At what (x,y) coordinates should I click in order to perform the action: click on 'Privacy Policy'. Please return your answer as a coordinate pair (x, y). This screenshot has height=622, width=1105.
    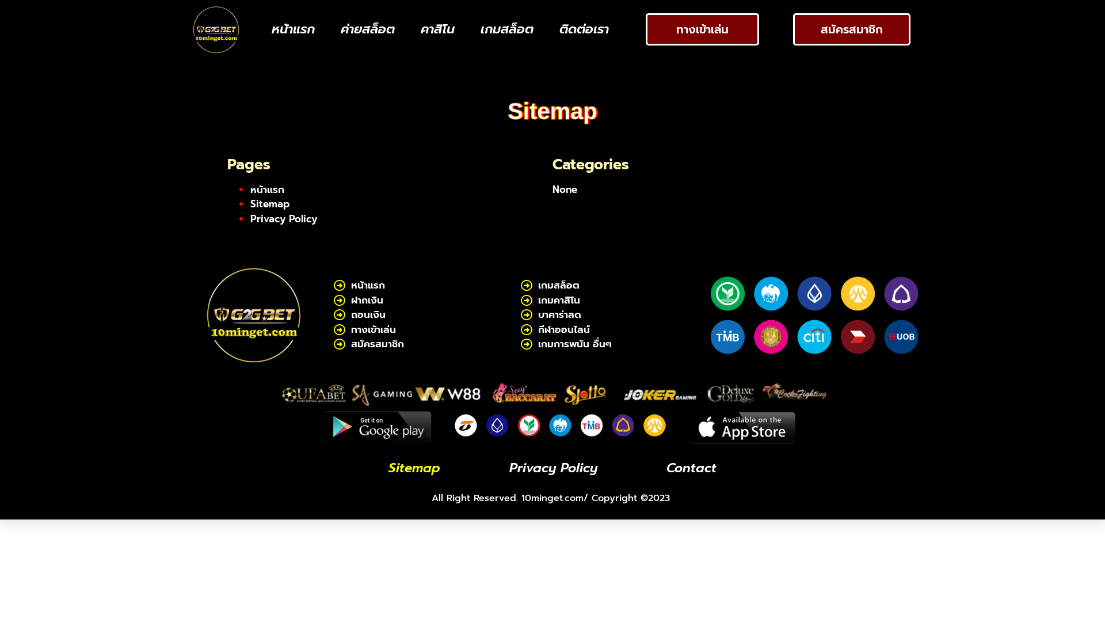
    Looking at the image, I should click on (250, 218).